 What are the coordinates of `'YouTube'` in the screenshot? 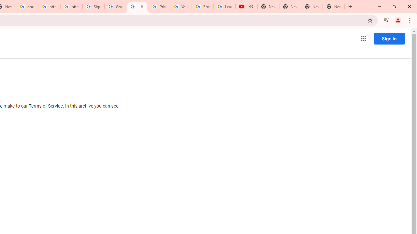 It's located at (181, 6).